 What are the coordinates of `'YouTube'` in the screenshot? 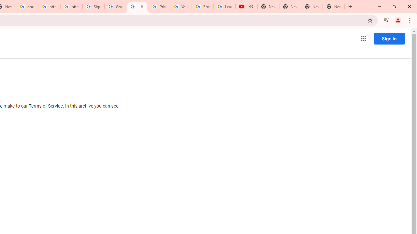 It's located at (181, 6).